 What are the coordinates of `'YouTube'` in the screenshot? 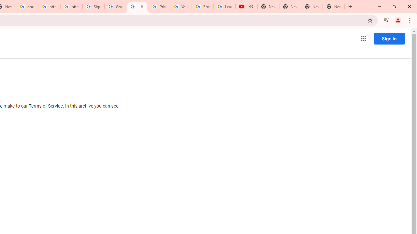 It's located at (181, 6).